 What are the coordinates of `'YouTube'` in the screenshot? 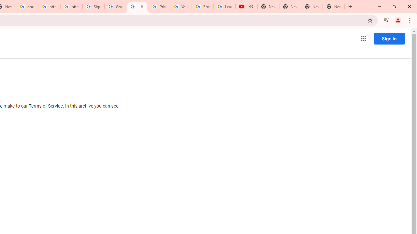 It's located at (181, 6).